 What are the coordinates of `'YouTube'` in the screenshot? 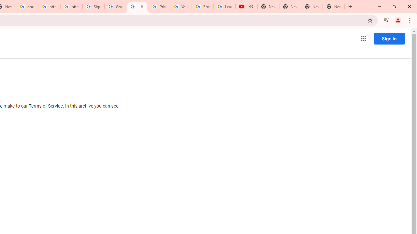 It's located at (181, 6).